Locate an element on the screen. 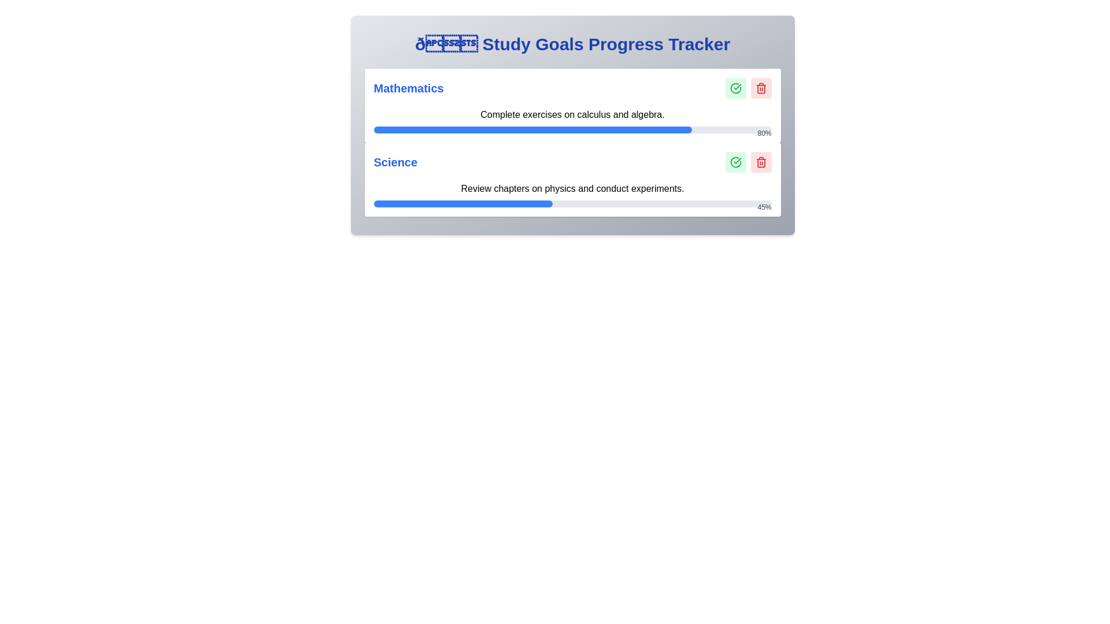 Image resolution: width=1110 pixels, height=624 pixels. the green checkmark icon button located in the second task group of the Study Goals Progress Tracker layout to mark the task as completed is located at coordinates (735, 162).